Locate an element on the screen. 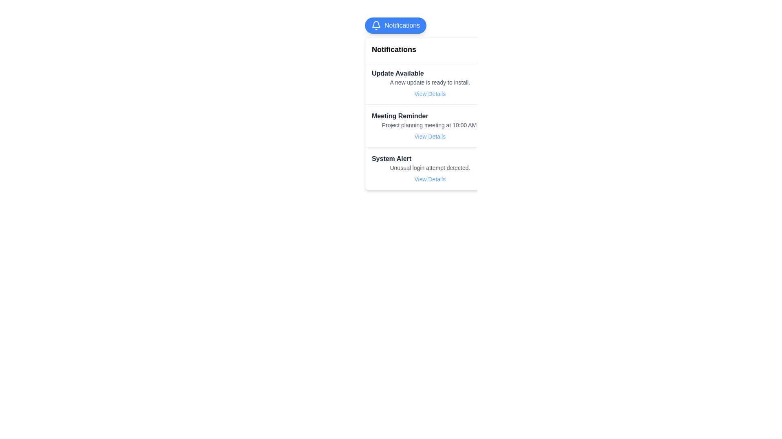  the Notification Card that informs about an unusual login attempt, positioned as the third item in the notification list is located at coordinates (430, 168).